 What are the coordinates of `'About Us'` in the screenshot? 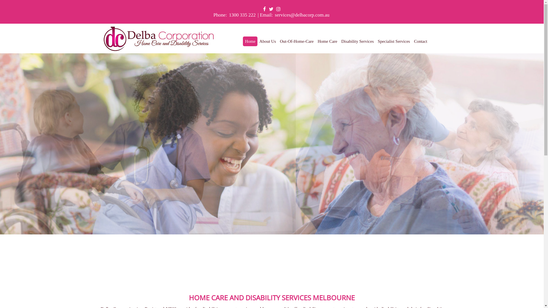 It's located at (259, 41).